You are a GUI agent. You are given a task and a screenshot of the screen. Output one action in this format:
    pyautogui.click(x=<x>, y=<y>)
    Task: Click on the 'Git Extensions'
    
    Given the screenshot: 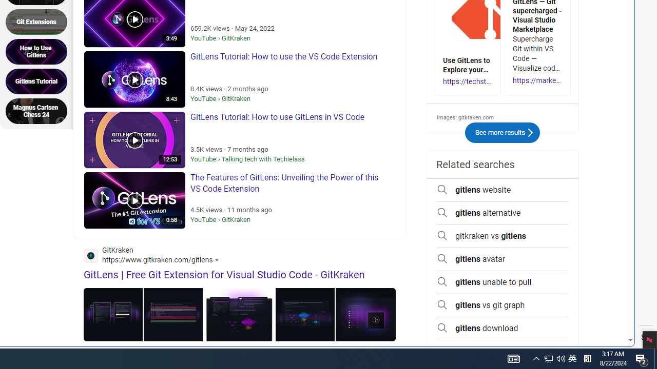 What is the action you would take?
    pyautogui.click(x=40, y=22)
    